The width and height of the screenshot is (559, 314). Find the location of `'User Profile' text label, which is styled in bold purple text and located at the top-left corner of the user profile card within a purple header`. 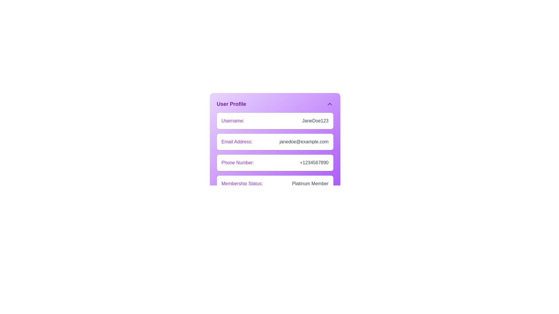

'User Profile' text label, which is styled in bold purple text and located at the top-left corner of the user profile card within a purple header is located at coordinates (231, 104).